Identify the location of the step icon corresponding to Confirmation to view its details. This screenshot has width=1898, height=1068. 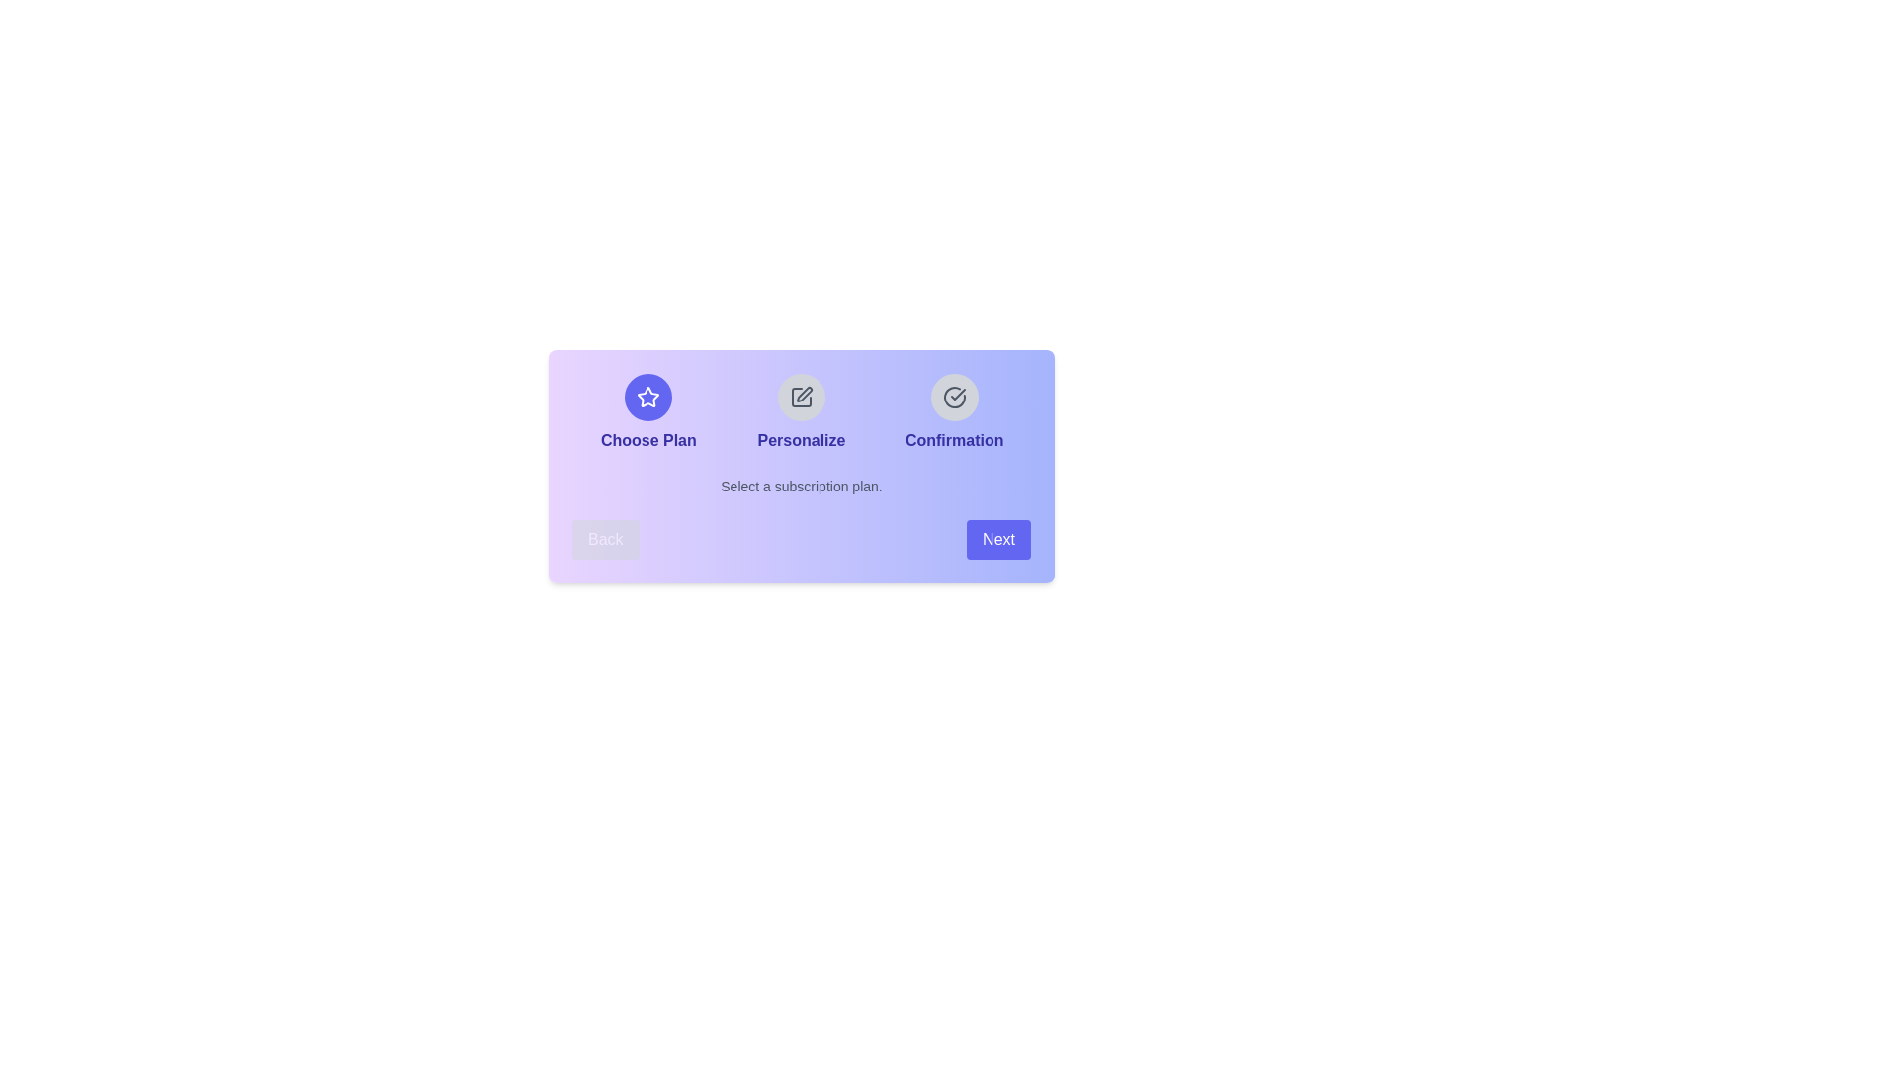
(953, 397).